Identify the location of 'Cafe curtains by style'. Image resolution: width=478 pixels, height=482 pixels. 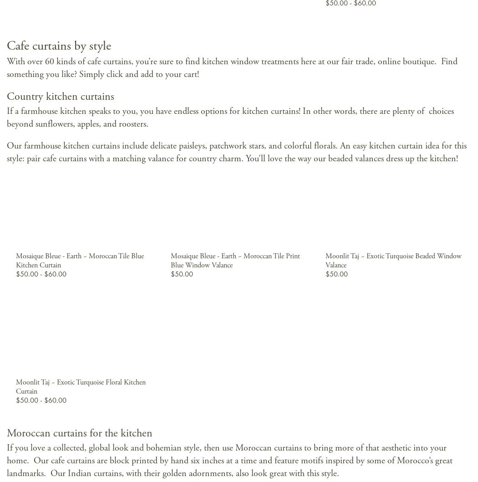
(58, 45).